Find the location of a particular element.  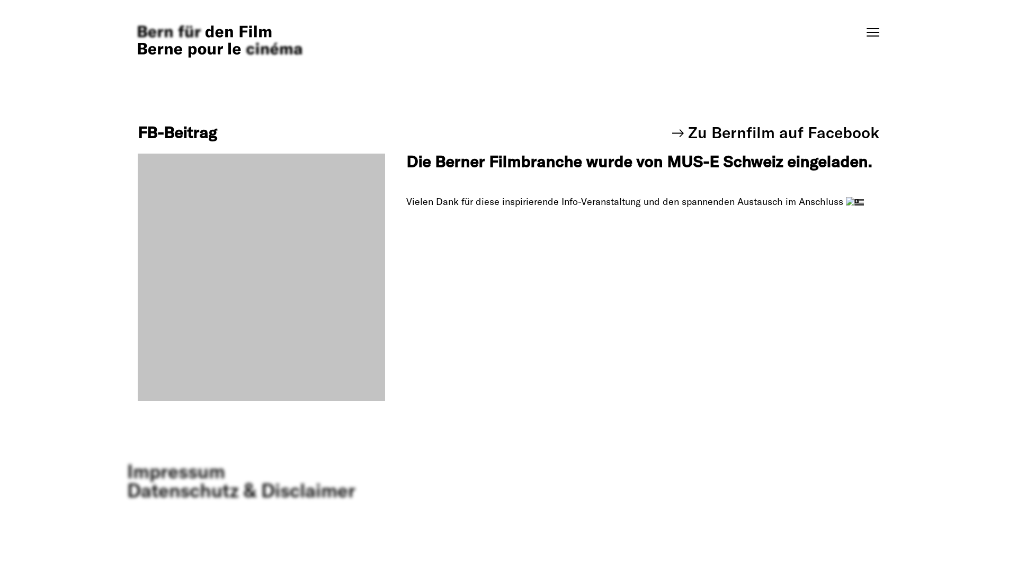

'Impressum' is located at coordinates (176, 470).